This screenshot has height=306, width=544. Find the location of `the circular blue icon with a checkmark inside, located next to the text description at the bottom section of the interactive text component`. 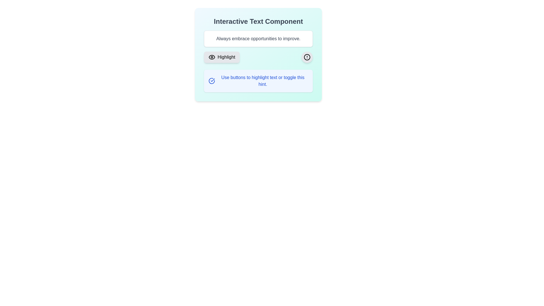

the circular blue icon with a checkmark inside, located next to the text description at the bottom section of the interactive text component is located at coordinates (211, 81).